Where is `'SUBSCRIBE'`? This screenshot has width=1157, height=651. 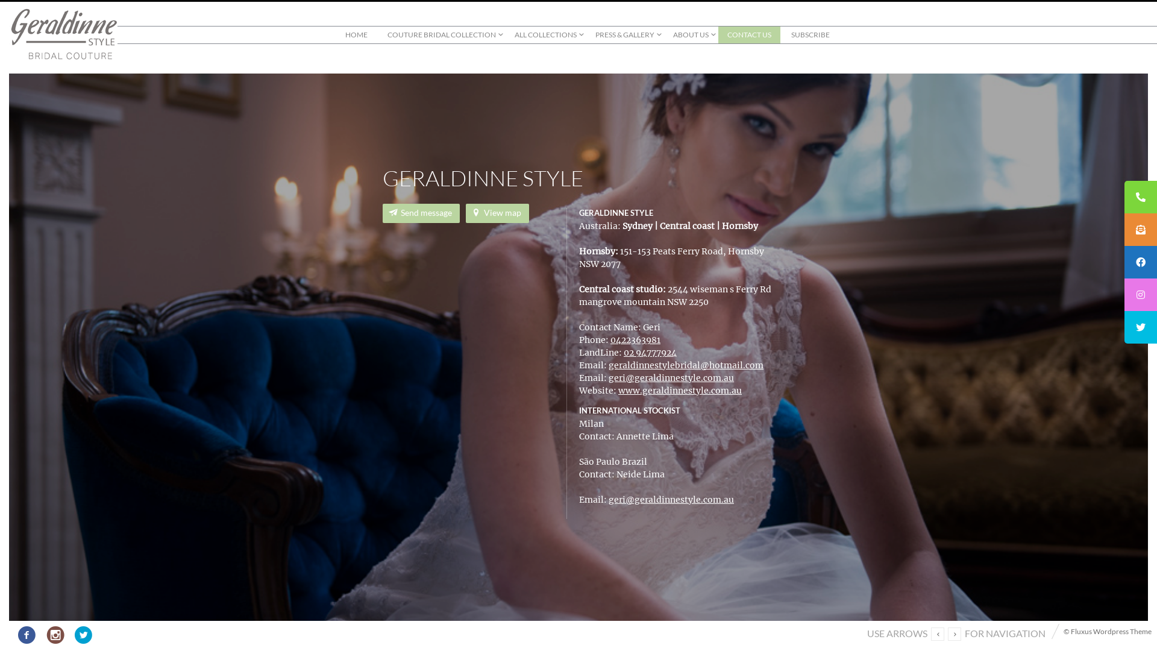
'SUBSCRIBE' is located at coordinates (810, 34).